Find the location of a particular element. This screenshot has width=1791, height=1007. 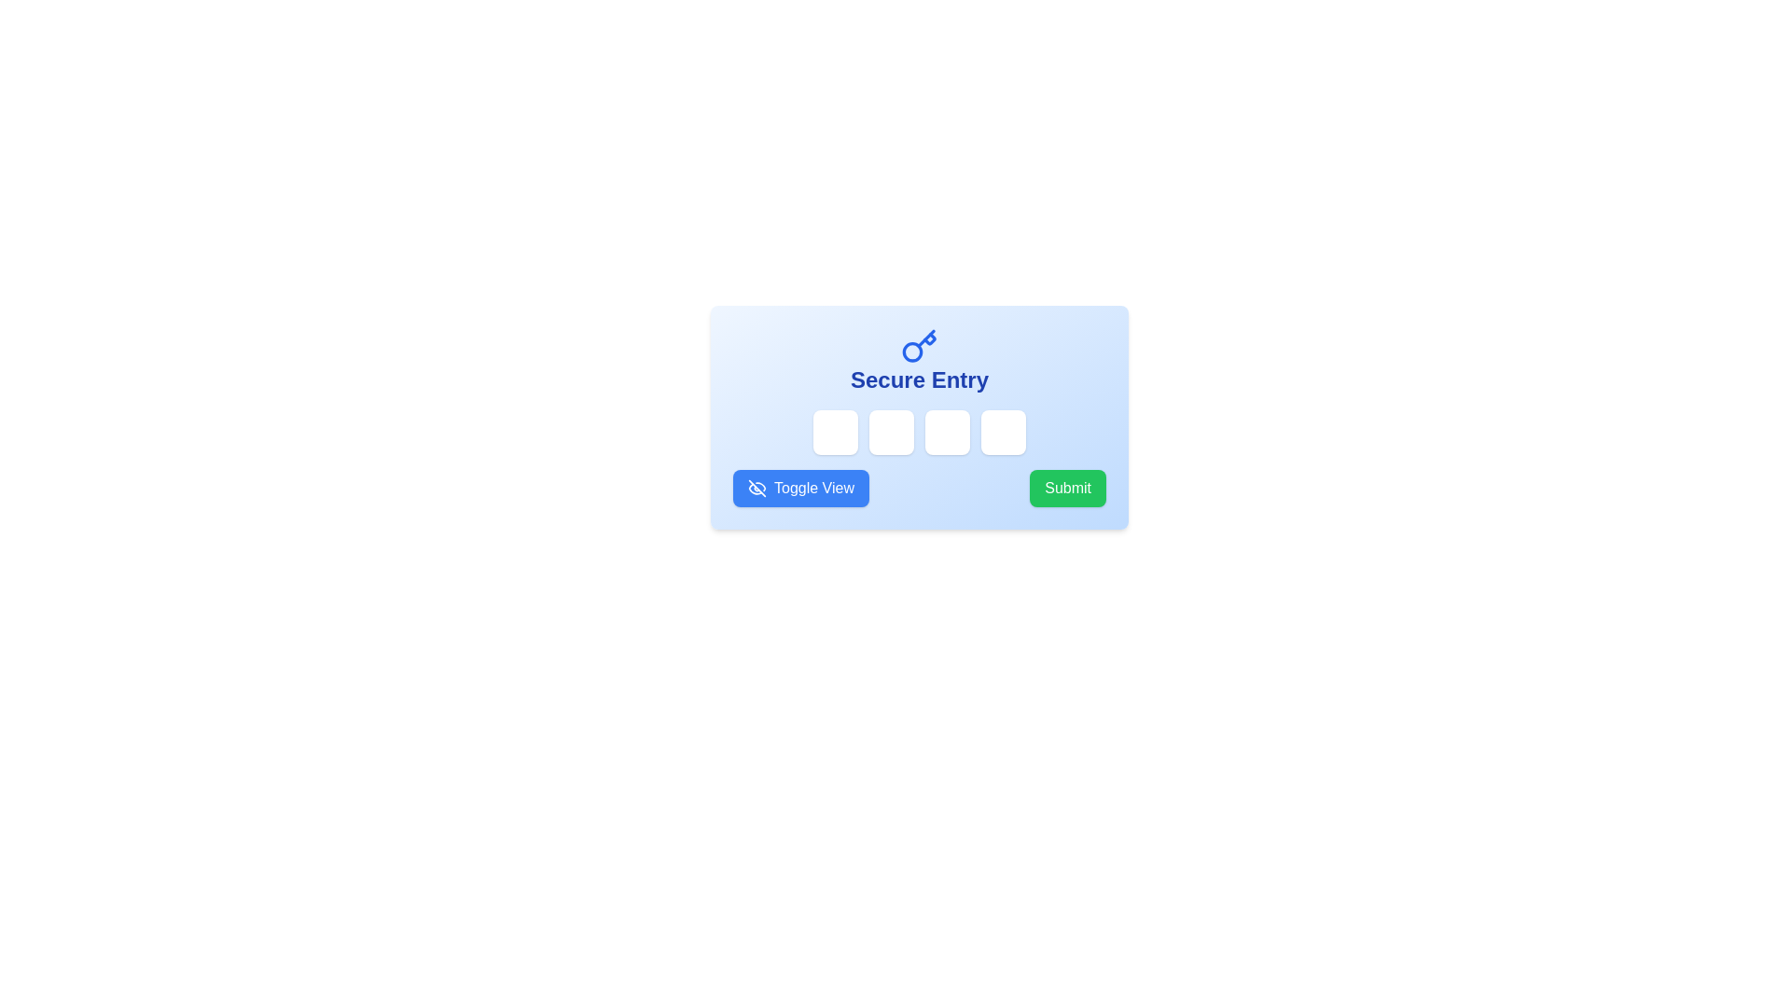

the toggle visibility button located horizontally aligned with the 'Submit' button is located at coordinates (801, 488).